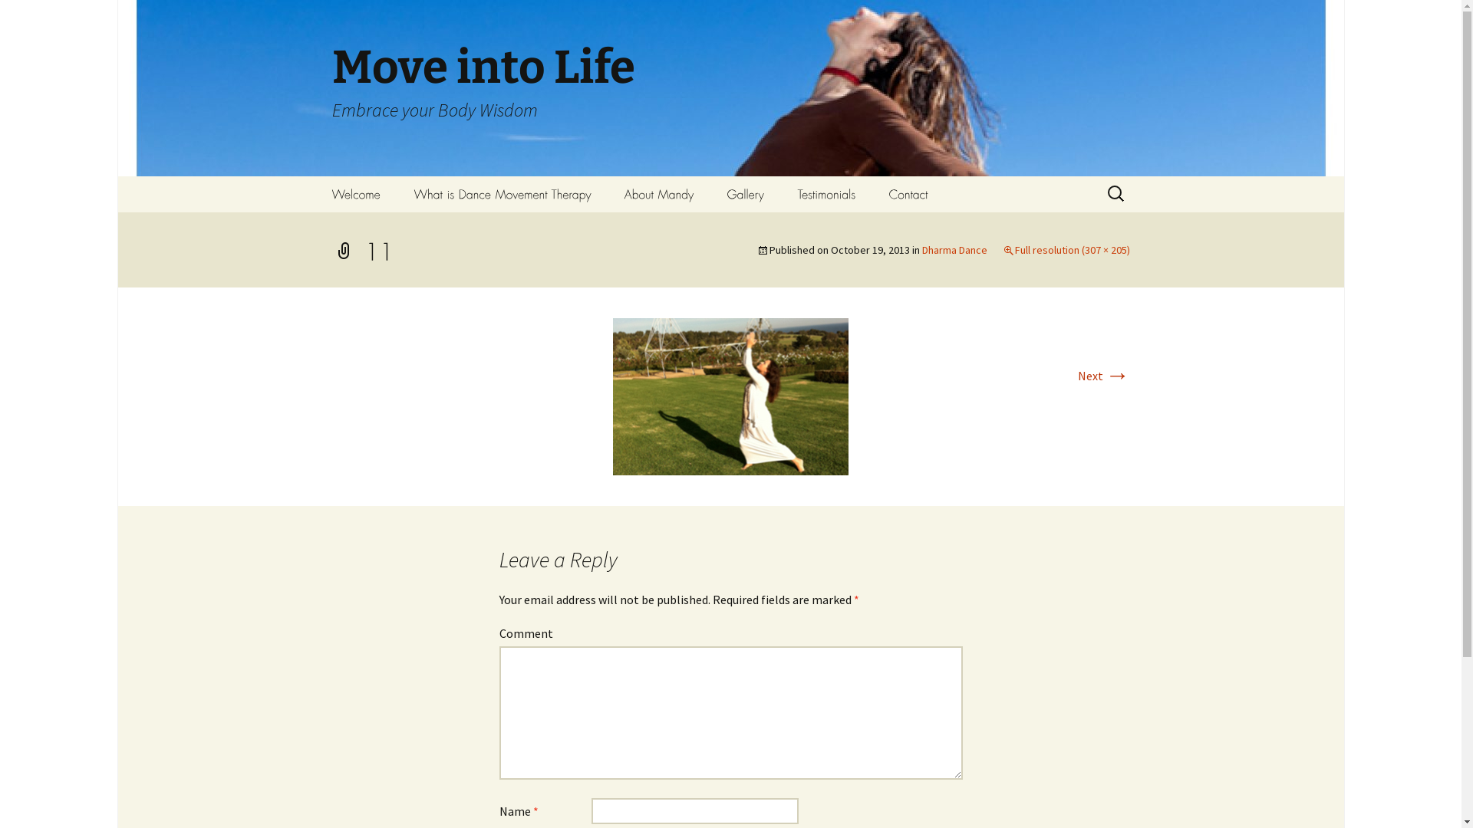 This screenshot has width=1473, height=828. What do you see at coordinates (729, 88) in the screenshot?
I see `'Move into Life` at bounding box center [729, 88].